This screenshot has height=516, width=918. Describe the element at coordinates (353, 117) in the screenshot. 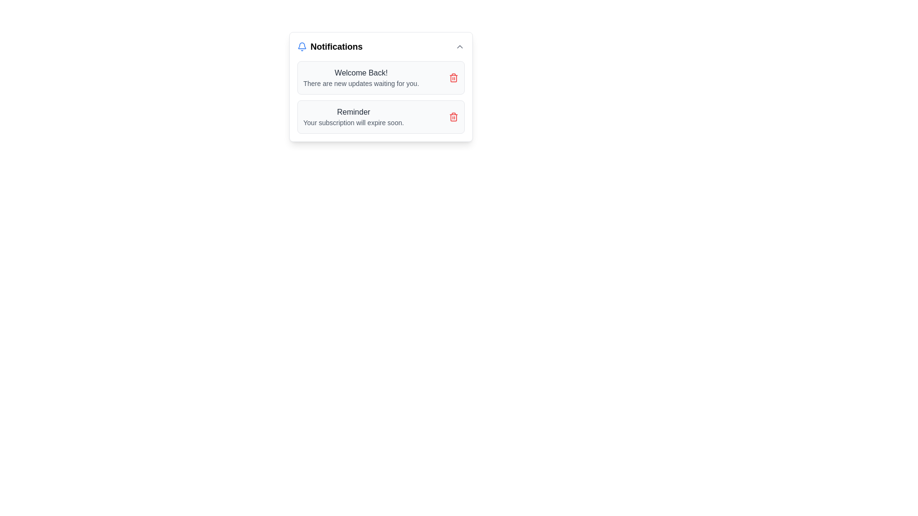

I see `the Notification Text Block that informs users about the expiration of their subscription, located in the notification panel as the second item in the list` at that location.